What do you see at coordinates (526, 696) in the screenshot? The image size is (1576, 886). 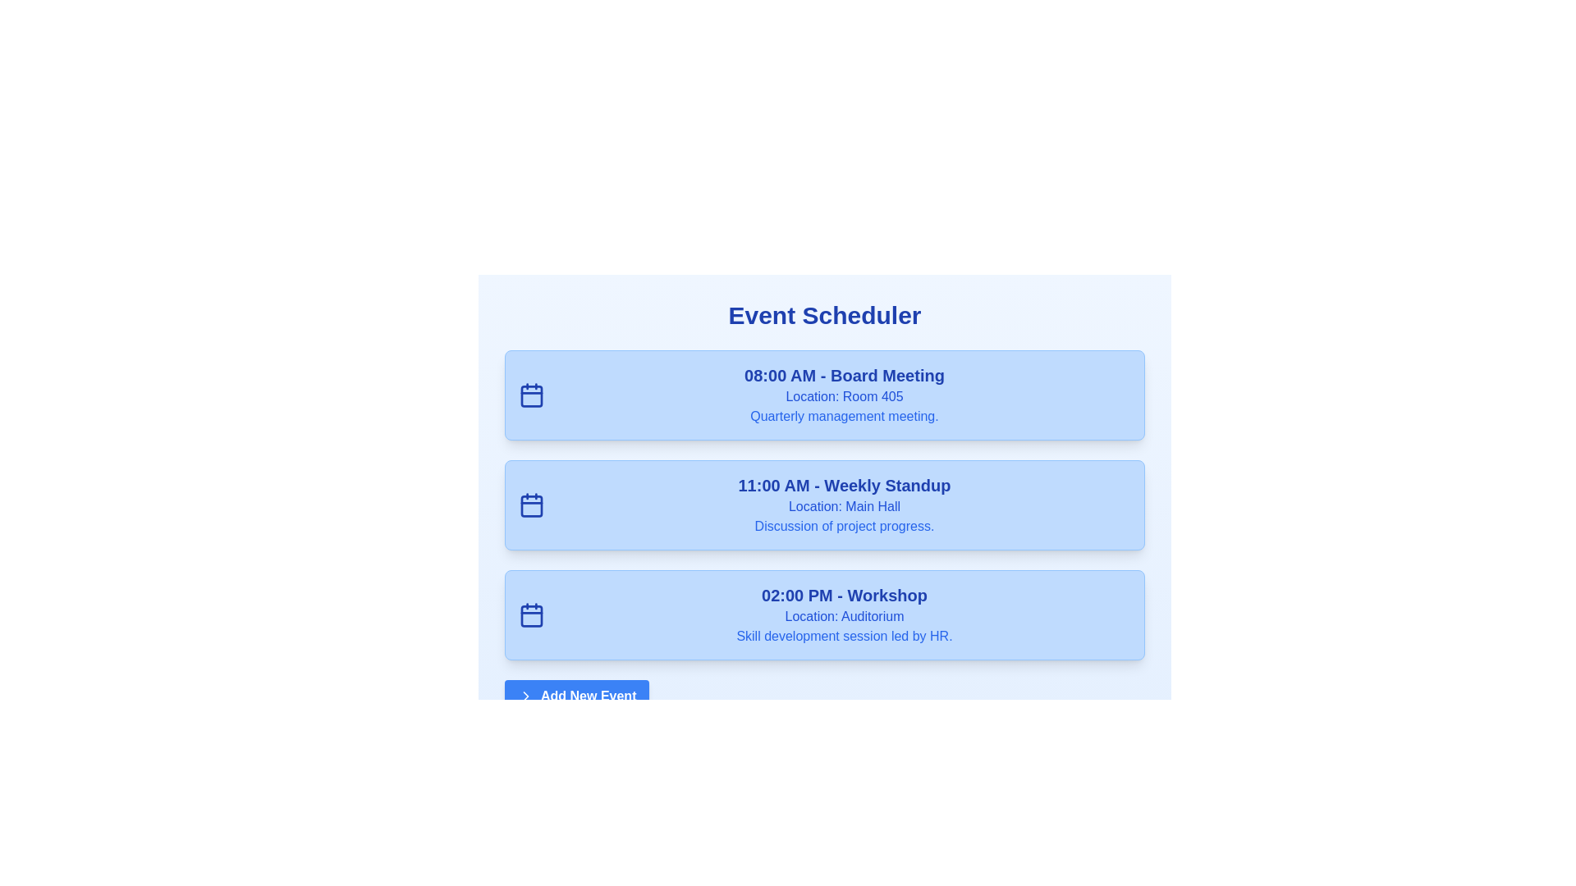 I see `the rightward pointing chevron icon located within the 'Add New Event' button` at bounding box center [526, 696].